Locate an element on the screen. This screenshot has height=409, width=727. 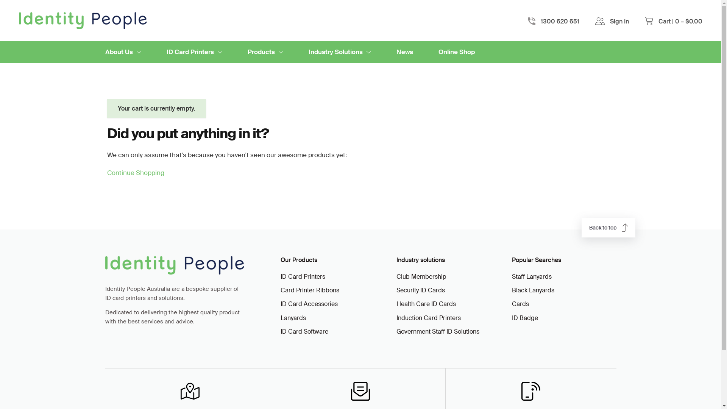
'Back to top' is located at coordinates (608, 227).